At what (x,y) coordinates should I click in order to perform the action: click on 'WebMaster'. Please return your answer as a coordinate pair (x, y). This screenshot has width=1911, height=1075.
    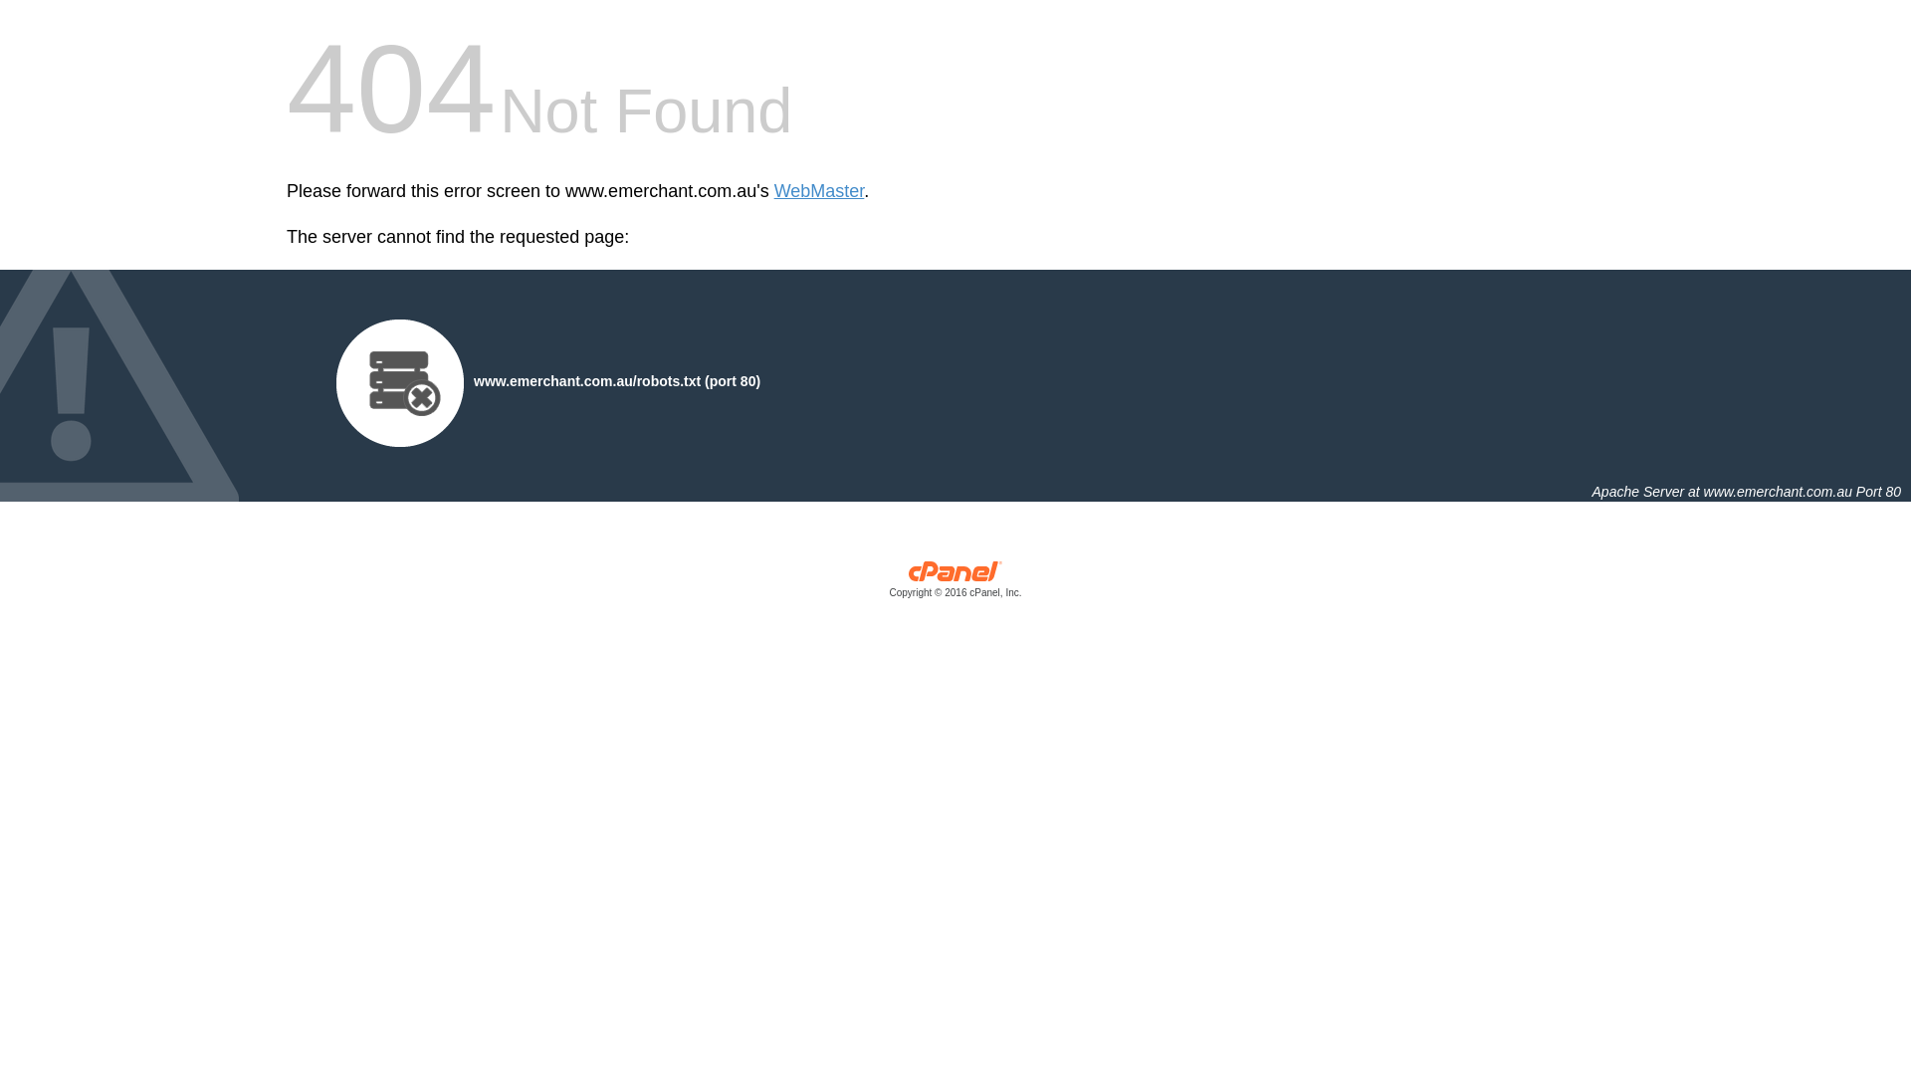
    Looking at the image, I should click on (819, 191).